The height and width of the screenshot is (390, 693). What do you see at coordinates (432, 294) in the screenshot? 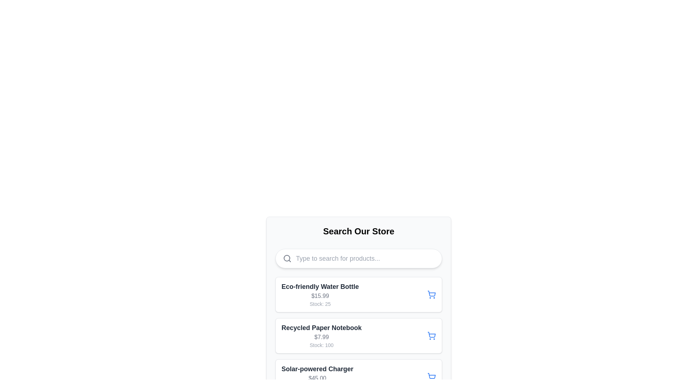
I see `the center of the shopping cart icon's interior basket section` at bounding box center [432, 294].